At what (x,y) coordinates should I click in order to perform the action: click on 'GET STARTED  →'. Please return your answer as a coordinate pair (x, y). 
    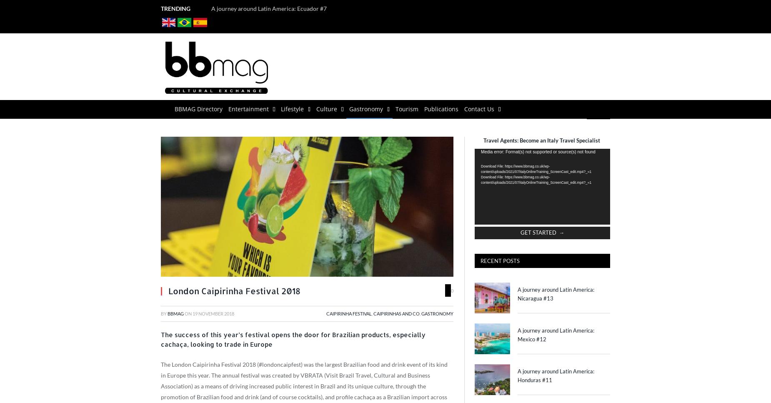
    Looking at the image, I should click on (542, 232).